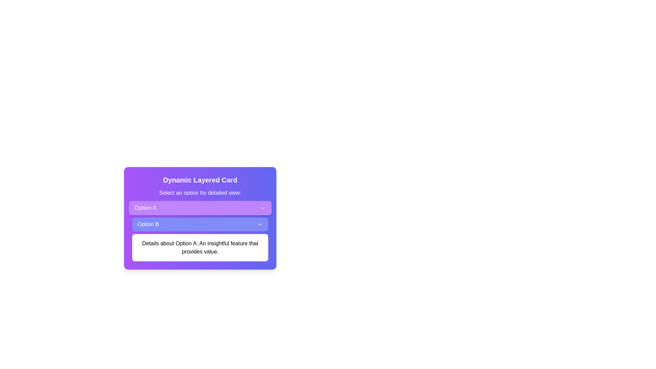  What do you see at coordinates (200, 224) in the screenshot?
I see `the second option button in the dropdown menu labeled 'Option B'` at bounding box center [200, 224].